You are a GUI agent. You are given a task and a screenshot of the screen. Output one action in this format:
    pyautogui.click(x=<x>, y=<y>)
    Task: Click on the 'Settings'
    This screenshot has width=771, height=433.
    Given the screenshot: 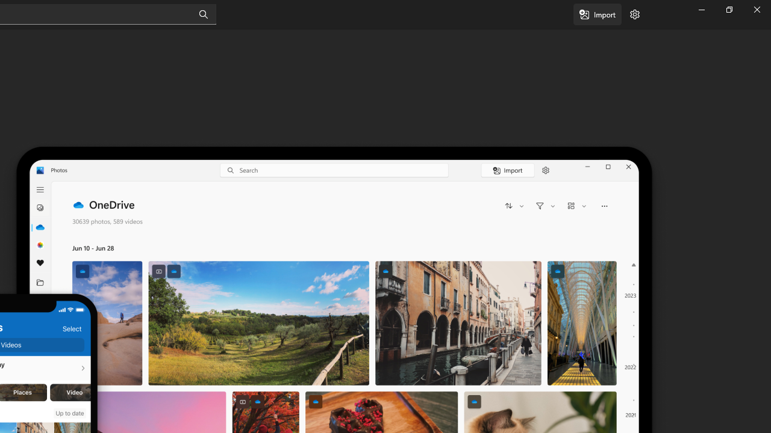 What is the action you would take?
    pyautogui.click(x=634, y=14)
    